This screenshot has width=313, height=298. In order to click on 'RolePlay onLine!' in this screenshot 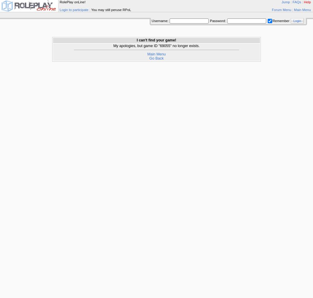, I will do `click(72, 2)`.